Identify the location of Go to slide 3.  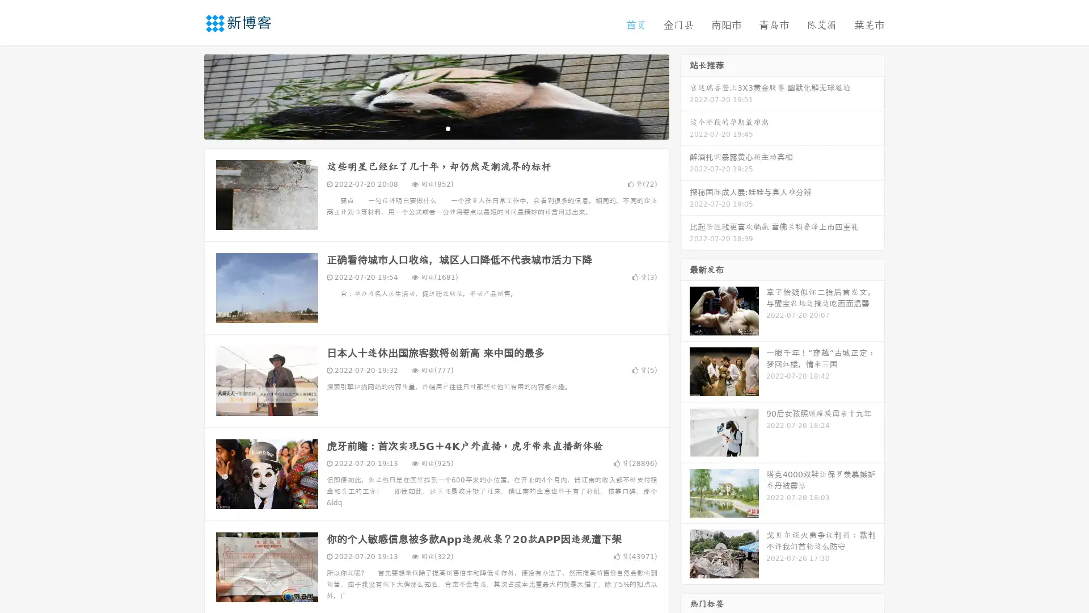
(448, 128).